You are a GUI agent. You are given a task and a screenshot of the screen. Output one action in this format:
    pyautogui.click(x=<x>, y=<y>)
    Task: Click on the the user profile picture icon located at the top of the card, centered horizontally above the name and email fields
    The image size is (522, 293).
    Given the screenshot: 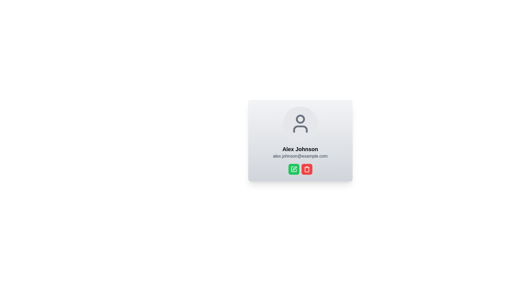 What is the action you would take?
    pyautogui.click(x=300, y=123)
    